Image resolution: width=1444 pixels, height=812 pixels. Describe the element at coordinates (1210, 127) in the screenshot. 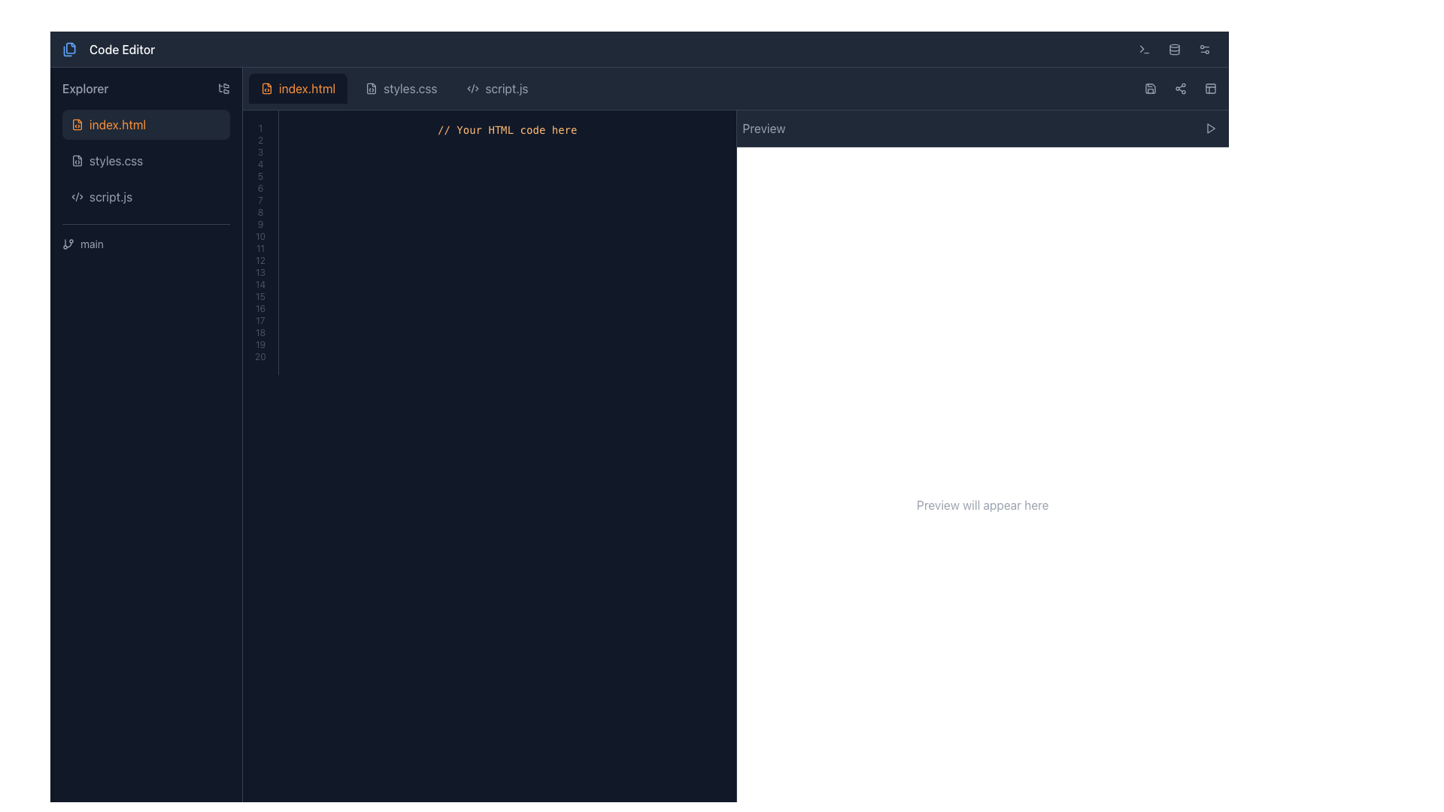

I see `the light gray play button with rounded corners located in the upper-right region of the interface's toolbar` at that location.